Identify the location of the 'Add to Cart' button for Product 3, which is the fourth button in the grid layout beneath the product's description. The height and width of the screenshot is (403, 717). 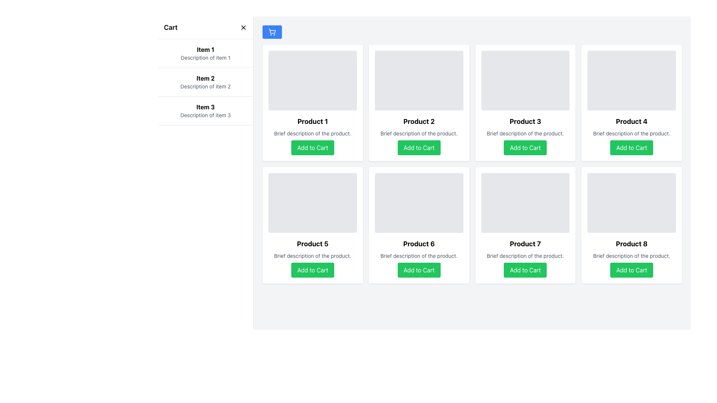
(525, 148).